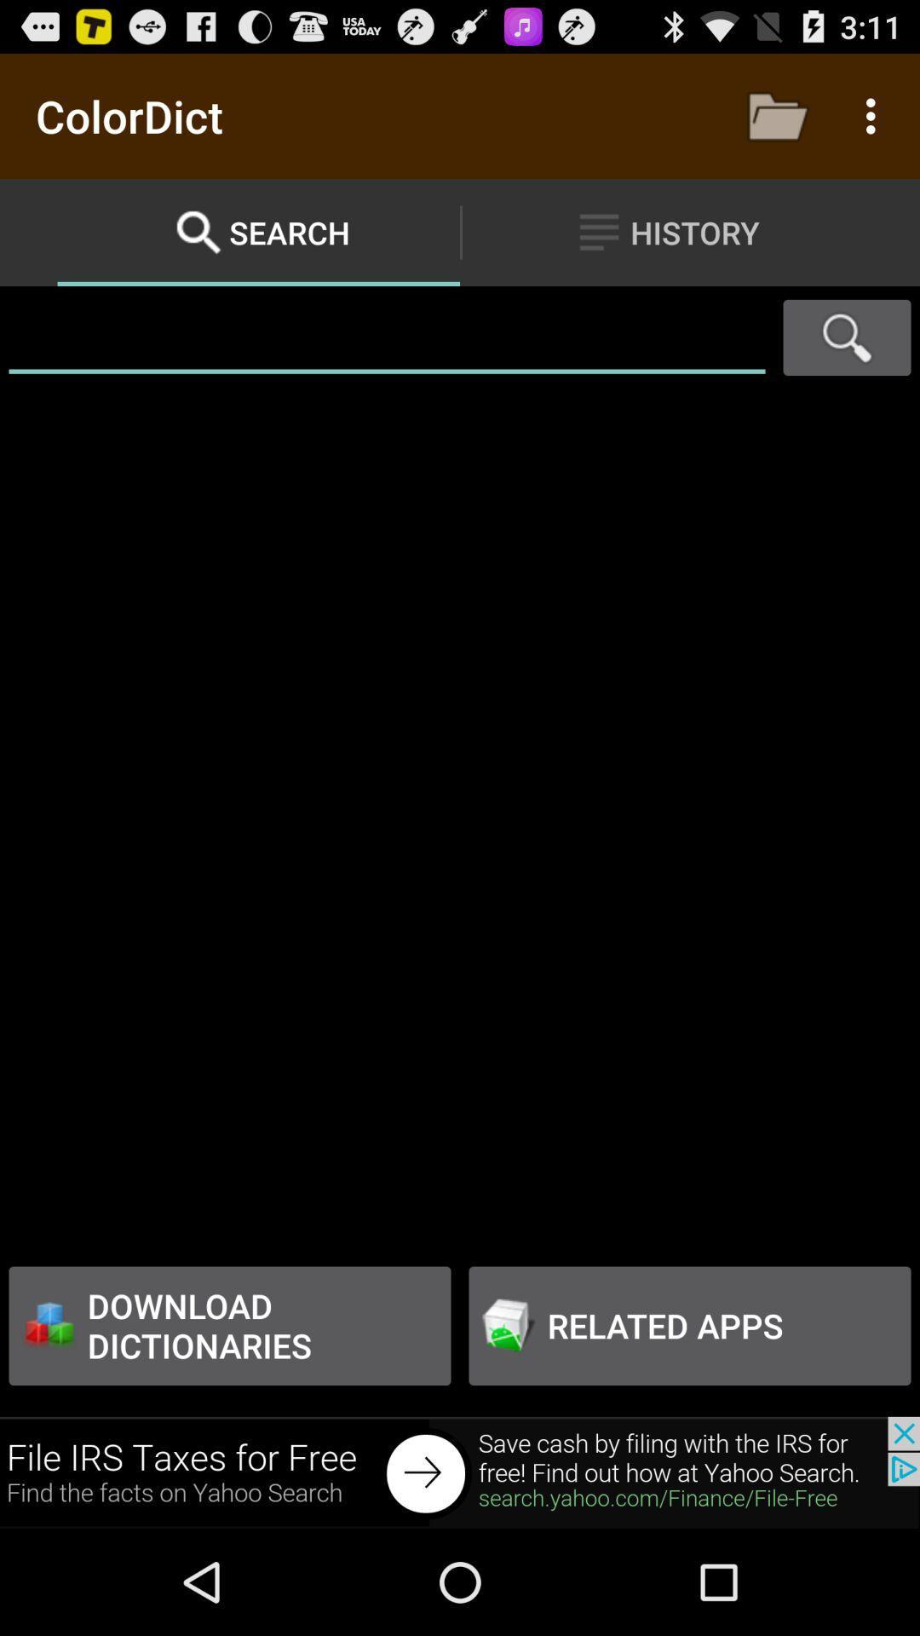 This screenshot has width=920, height=1636. Describe the element at coordinates (460, 1472) in the screenshot. I see `share the article` at that location.